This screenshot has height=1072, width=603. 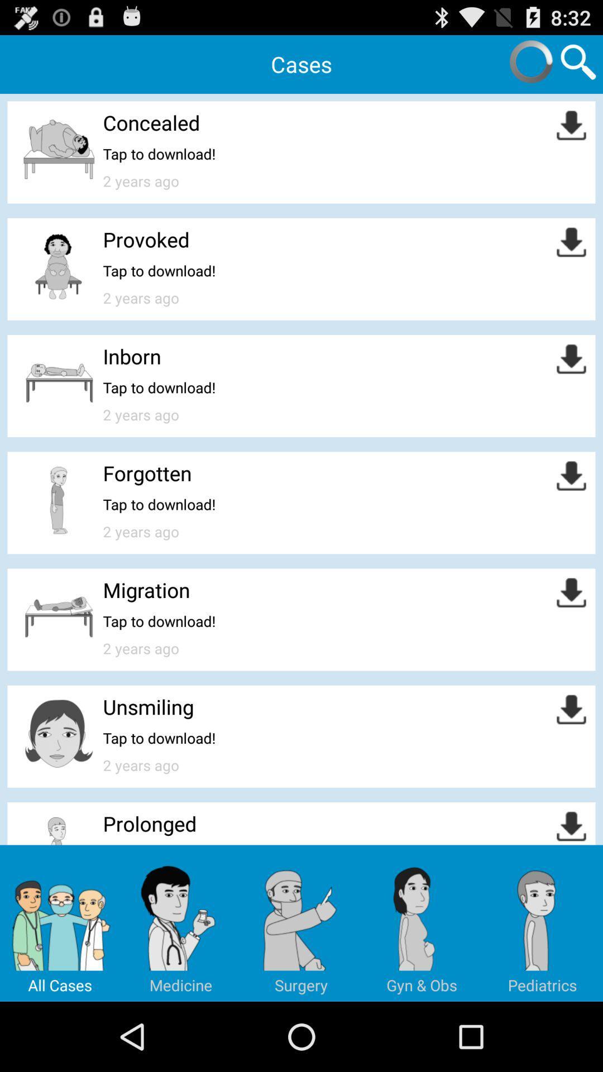 What do you see at coordinates (149, 824) in the screenshot?
I see `the prolonged icon` at bounding box center [149, 824].